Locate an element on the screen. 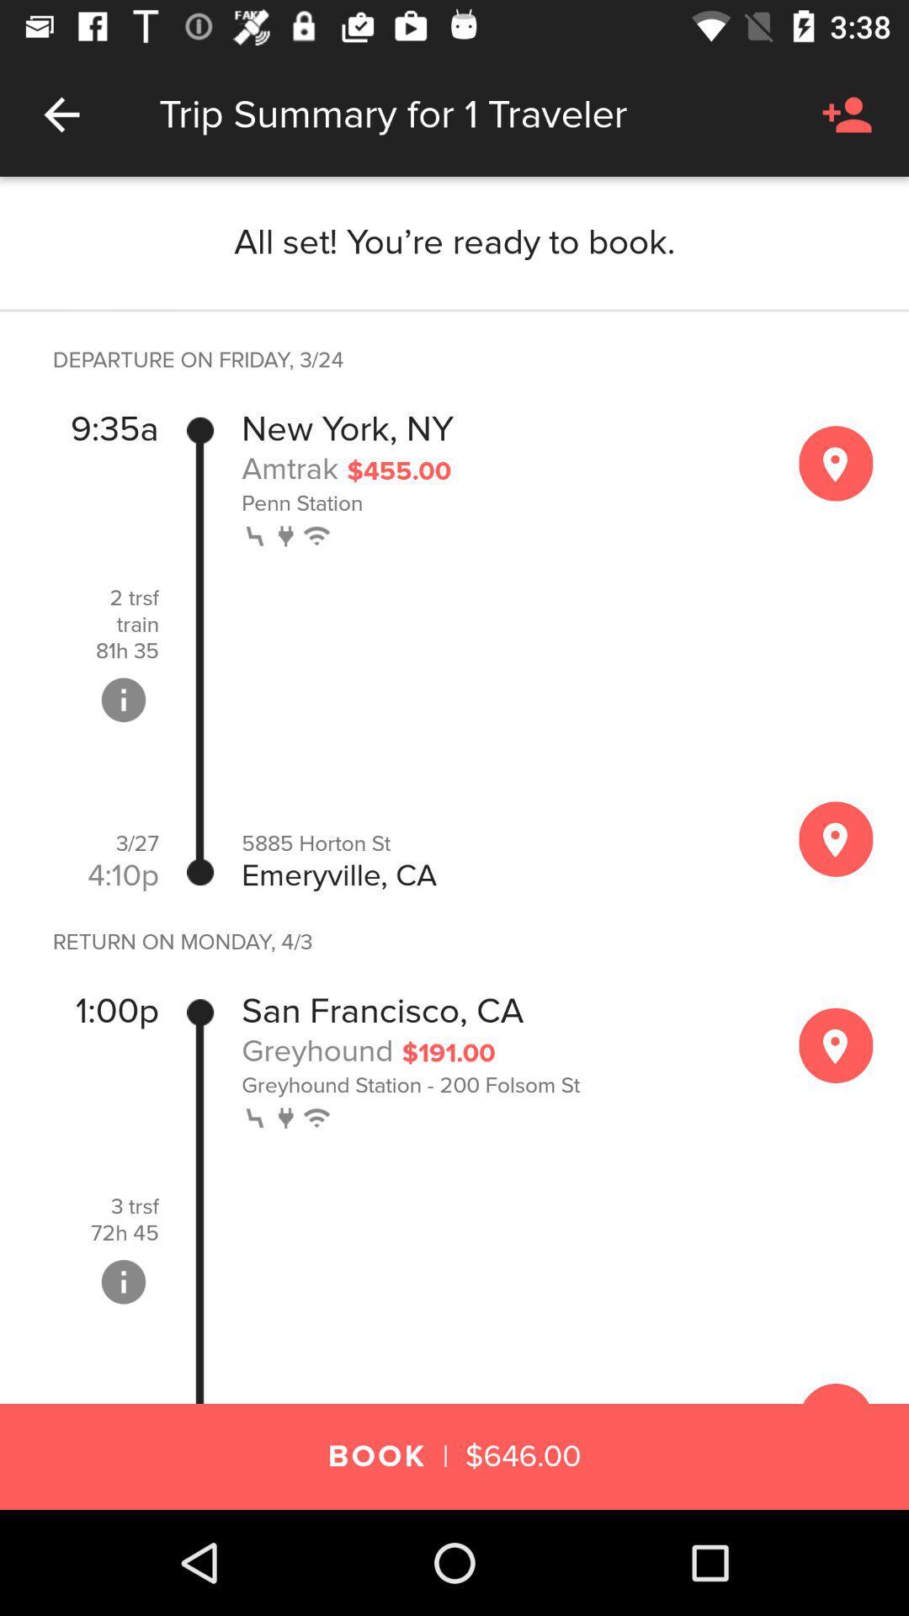  location is located at coordinates (836, 1045).